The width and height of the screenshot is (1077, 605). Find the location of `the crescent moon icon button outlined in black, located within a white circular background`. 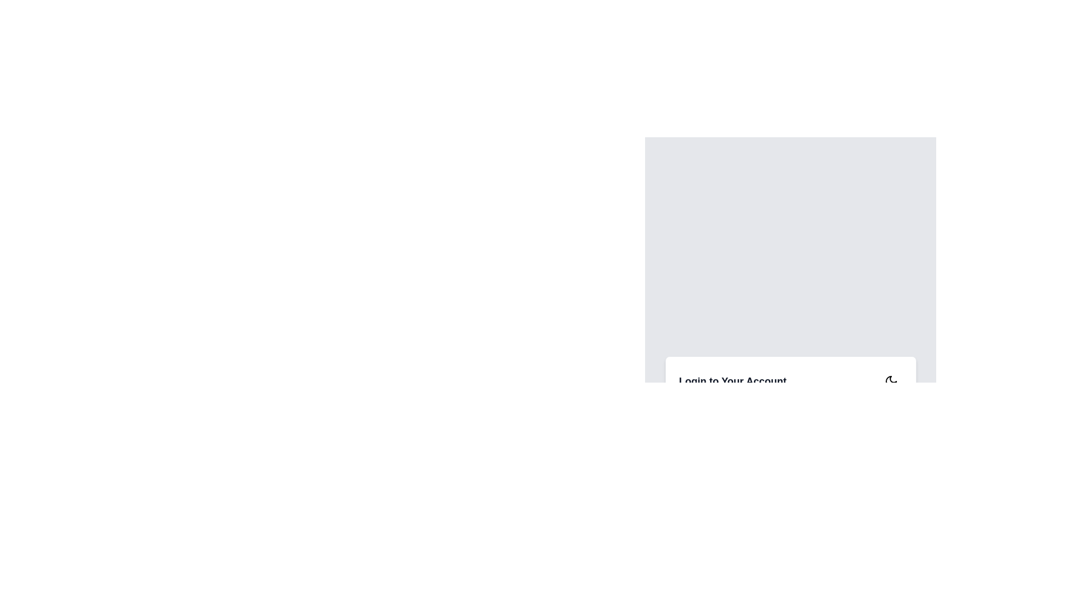

the crescent moon icon button outlined in black, located within a white circular background is located at coordinates (890, 381).